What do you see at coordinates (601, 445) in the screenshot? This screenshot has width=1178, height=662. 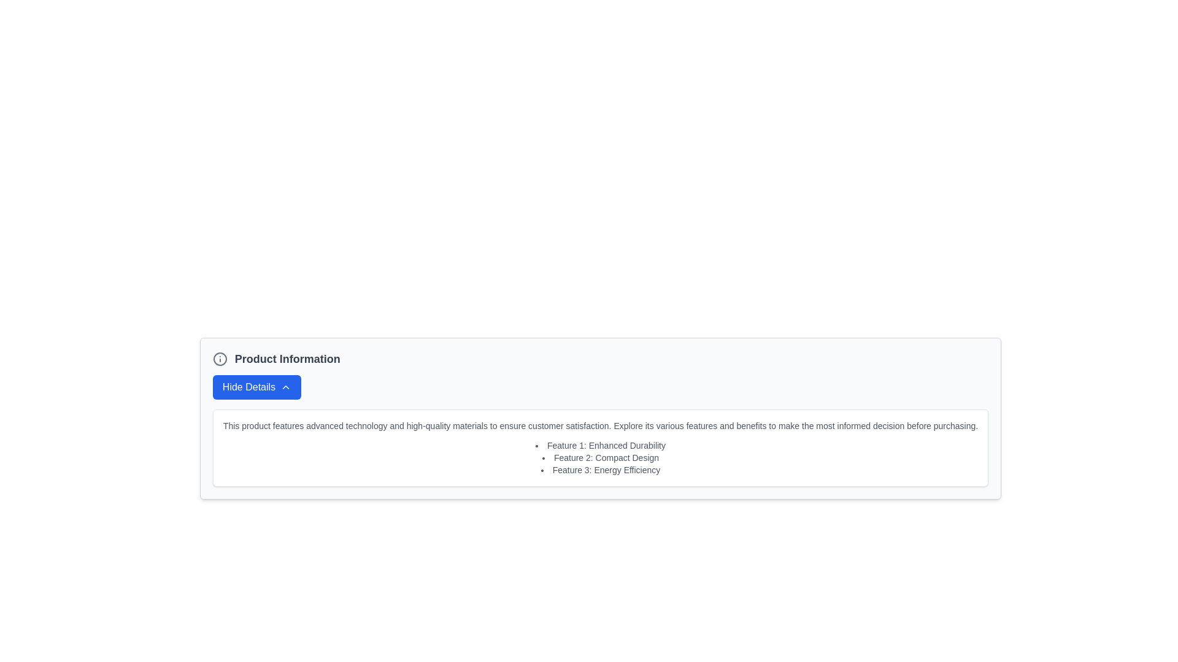 I see `the first text item in the bulleted list, which states 'Feature 1: Enhanced Durability'` at bounding box center [601, 445].